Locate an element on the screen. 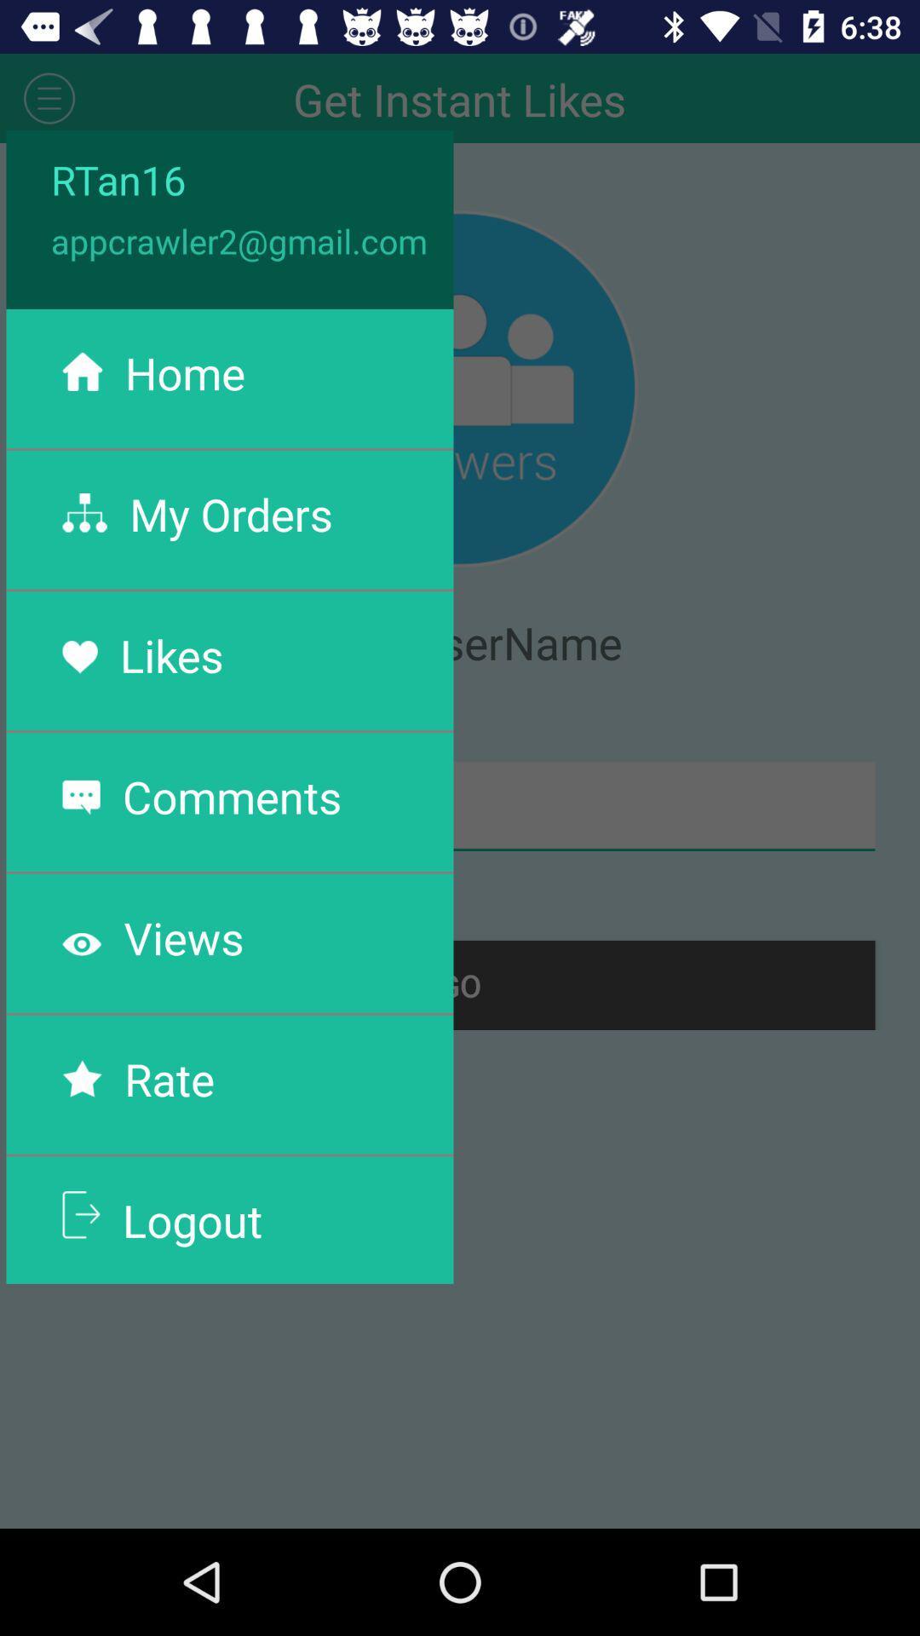 The width and height of the screenshot is (920, 1636). likes item is located at coordinates (171, 654).